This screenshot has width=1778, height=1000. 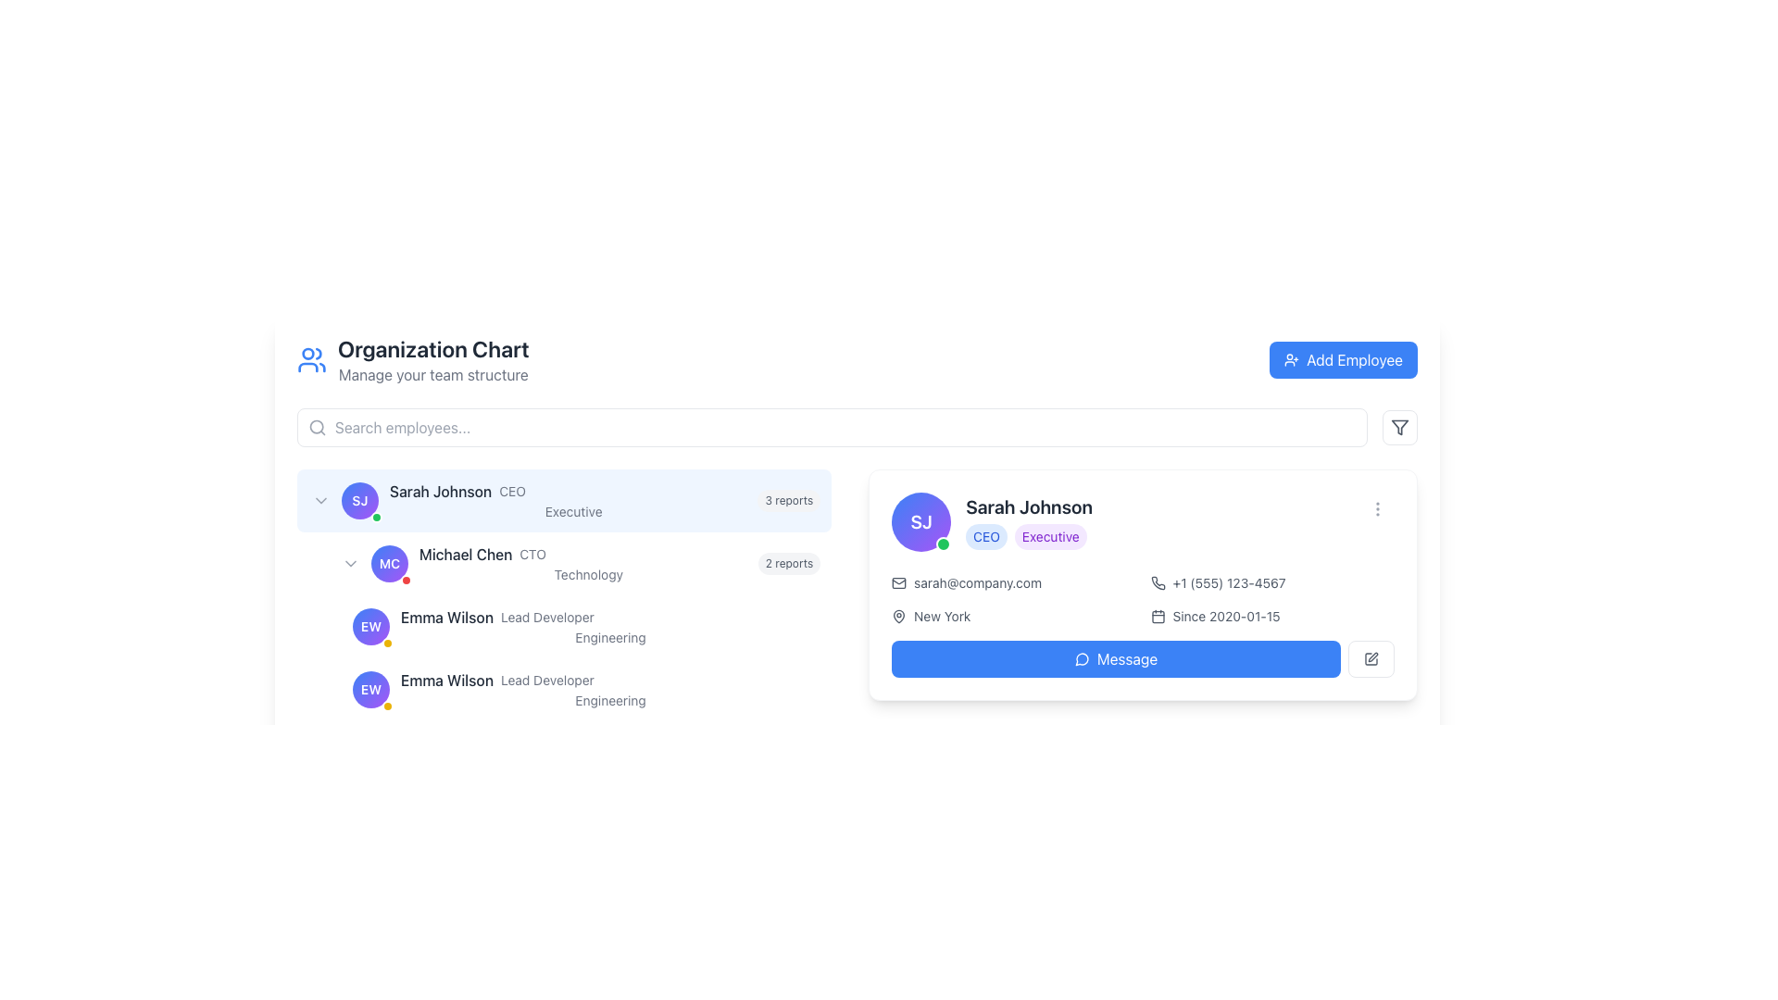 I want to click on the 'Executive' label, which indicates a position within the organizational chart and is located beneath the 'Sarah Johnson' and 'CEO' labels, so click(x=572, y=511).